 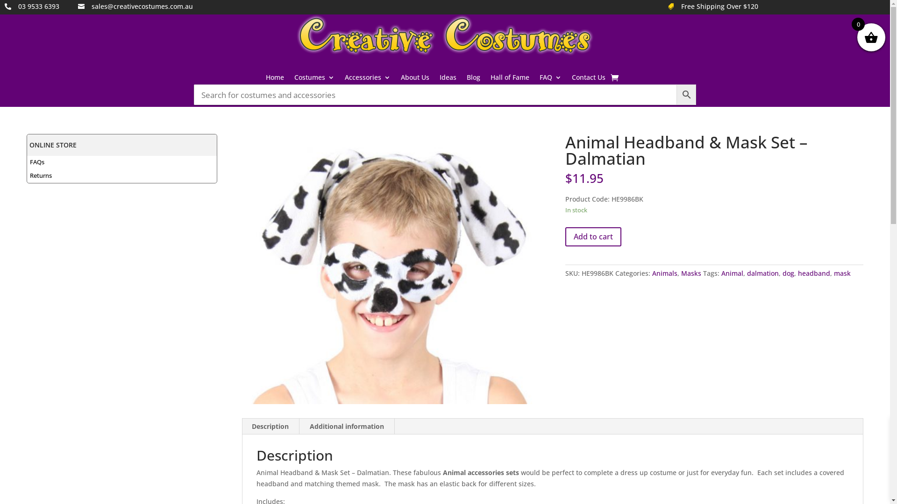 I want to click on 'Additional information', so click(x=346, y=427).